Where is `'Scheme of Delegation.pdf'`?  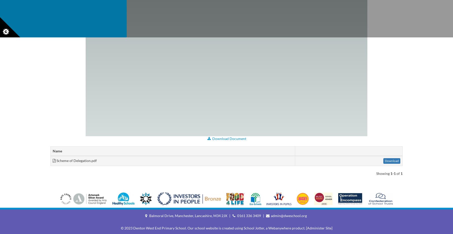
'Scheme of Delegation.pdf' is located at coordinates (76, 160).